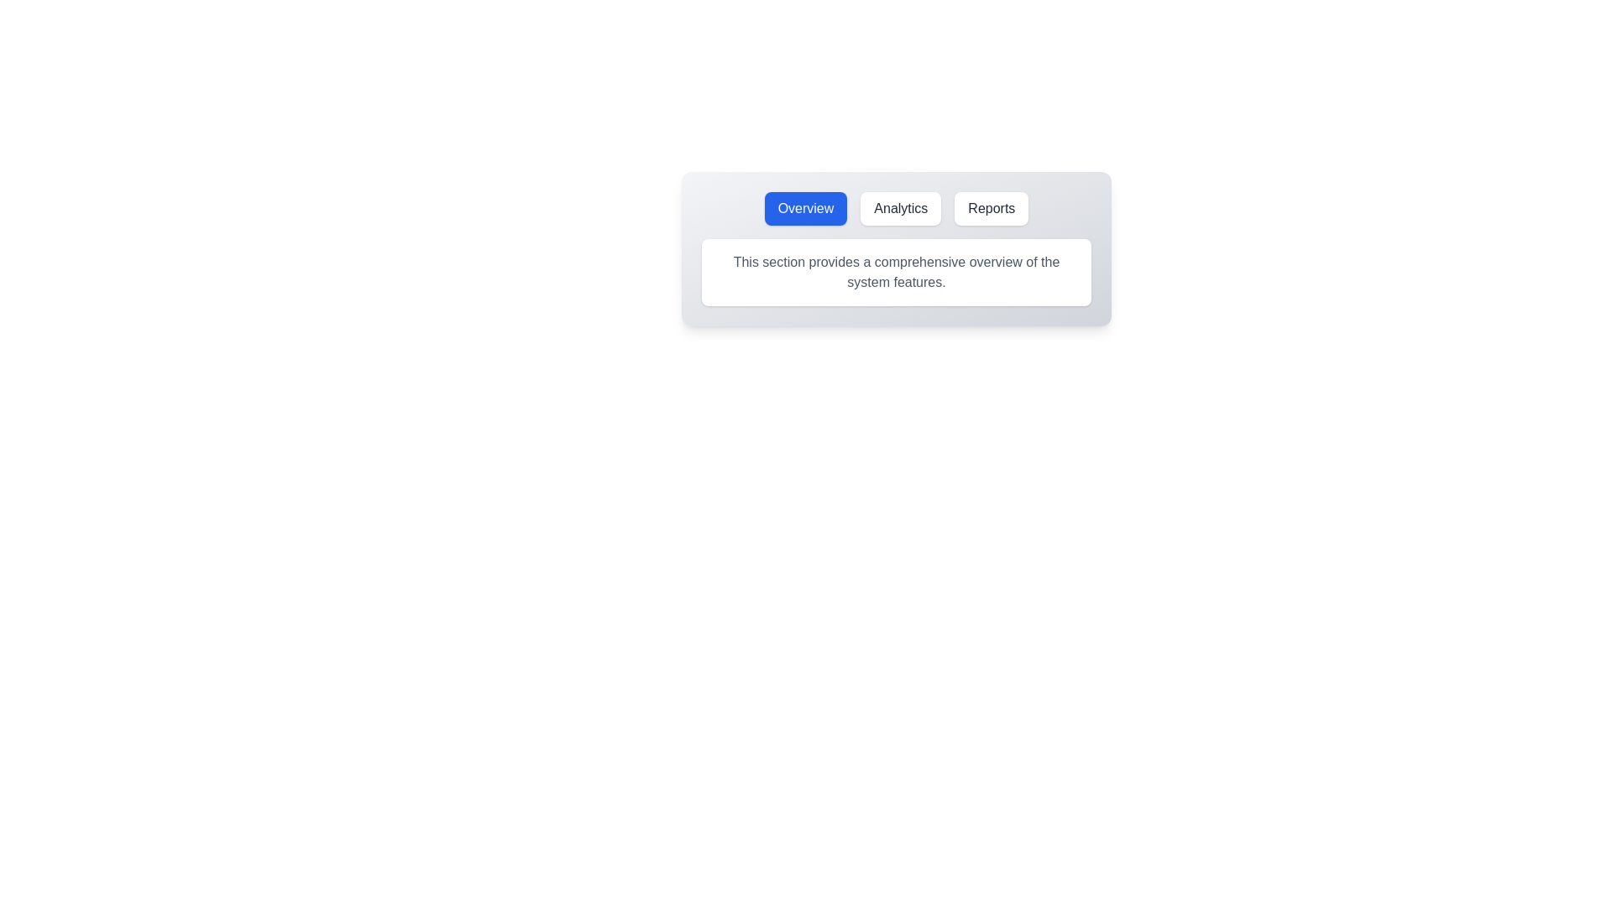  Describe the element at coordinates (806, 208) in the screenshot. I see `the tab labeled Overview to observe its hover effect` at that location.